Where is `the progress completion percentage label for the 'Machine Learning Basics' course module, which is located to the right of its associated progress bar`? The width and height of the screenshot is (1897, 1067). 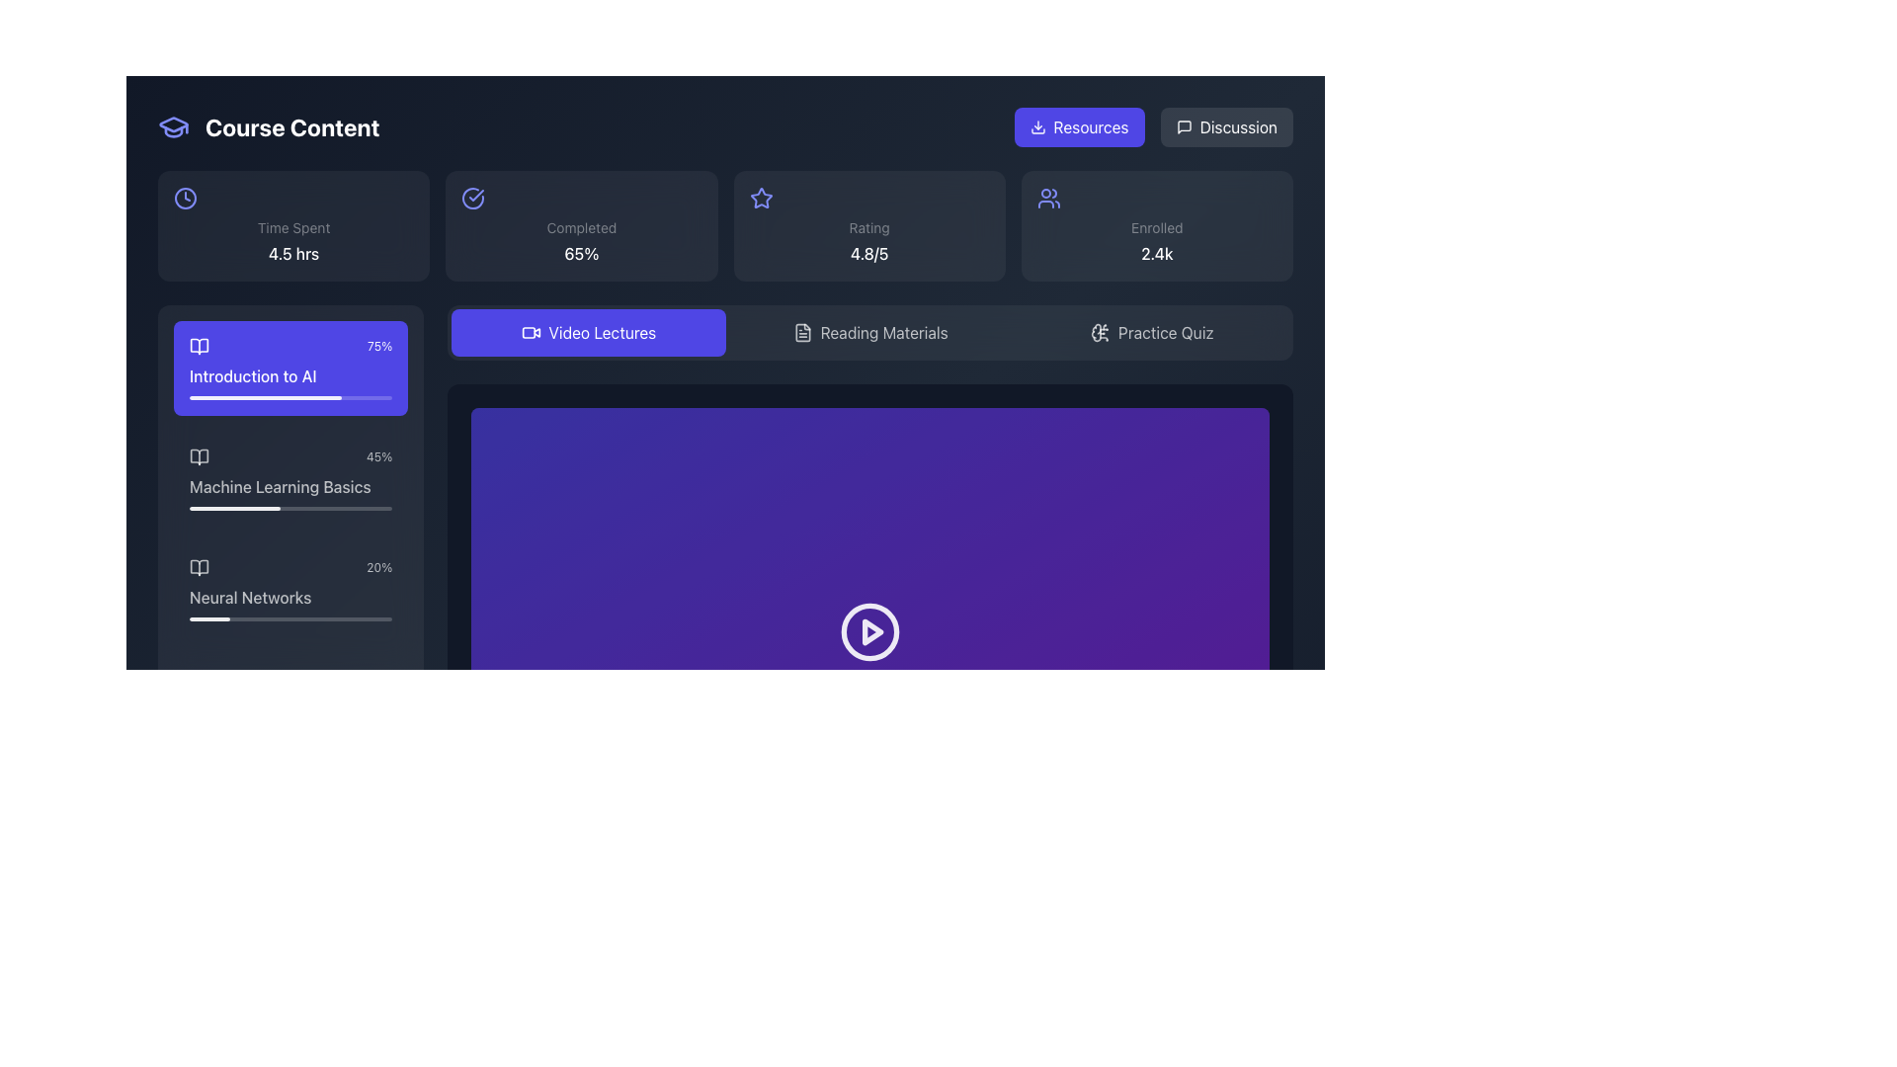
the progress completion percentage label for the 'Machine Learning Basics' course module, which is located to the right of its associated progress bar is located at coordinates (379, 456).